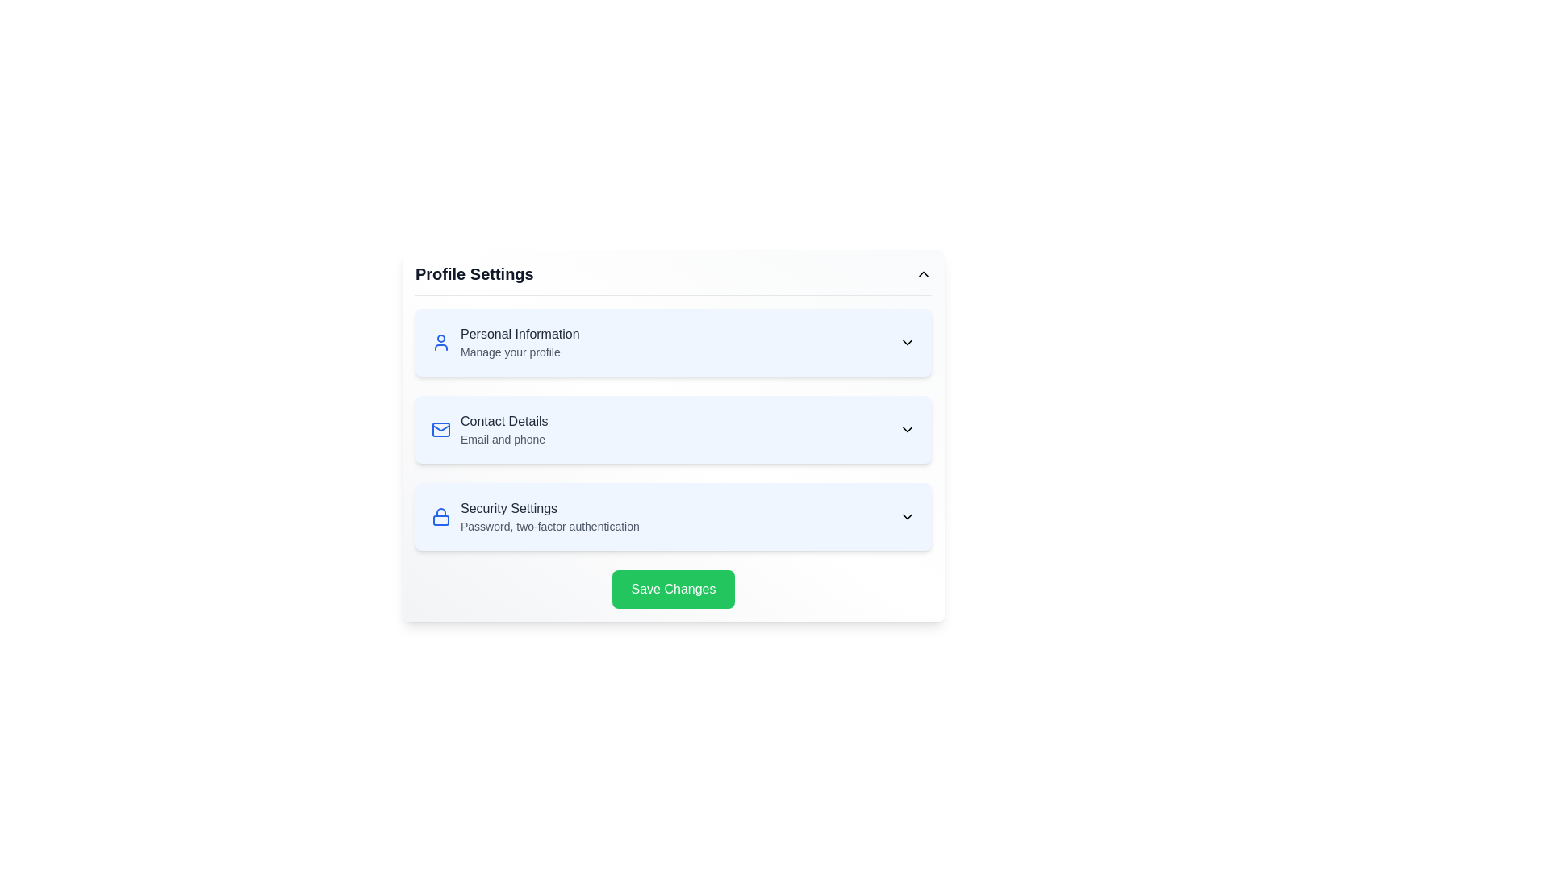  Describe the element at coordinates (674, 590) in the screenshot. I see `the save button that is located below the sections 'Security Settings', 'Contact Details', and 'Personal Information'` at that location.